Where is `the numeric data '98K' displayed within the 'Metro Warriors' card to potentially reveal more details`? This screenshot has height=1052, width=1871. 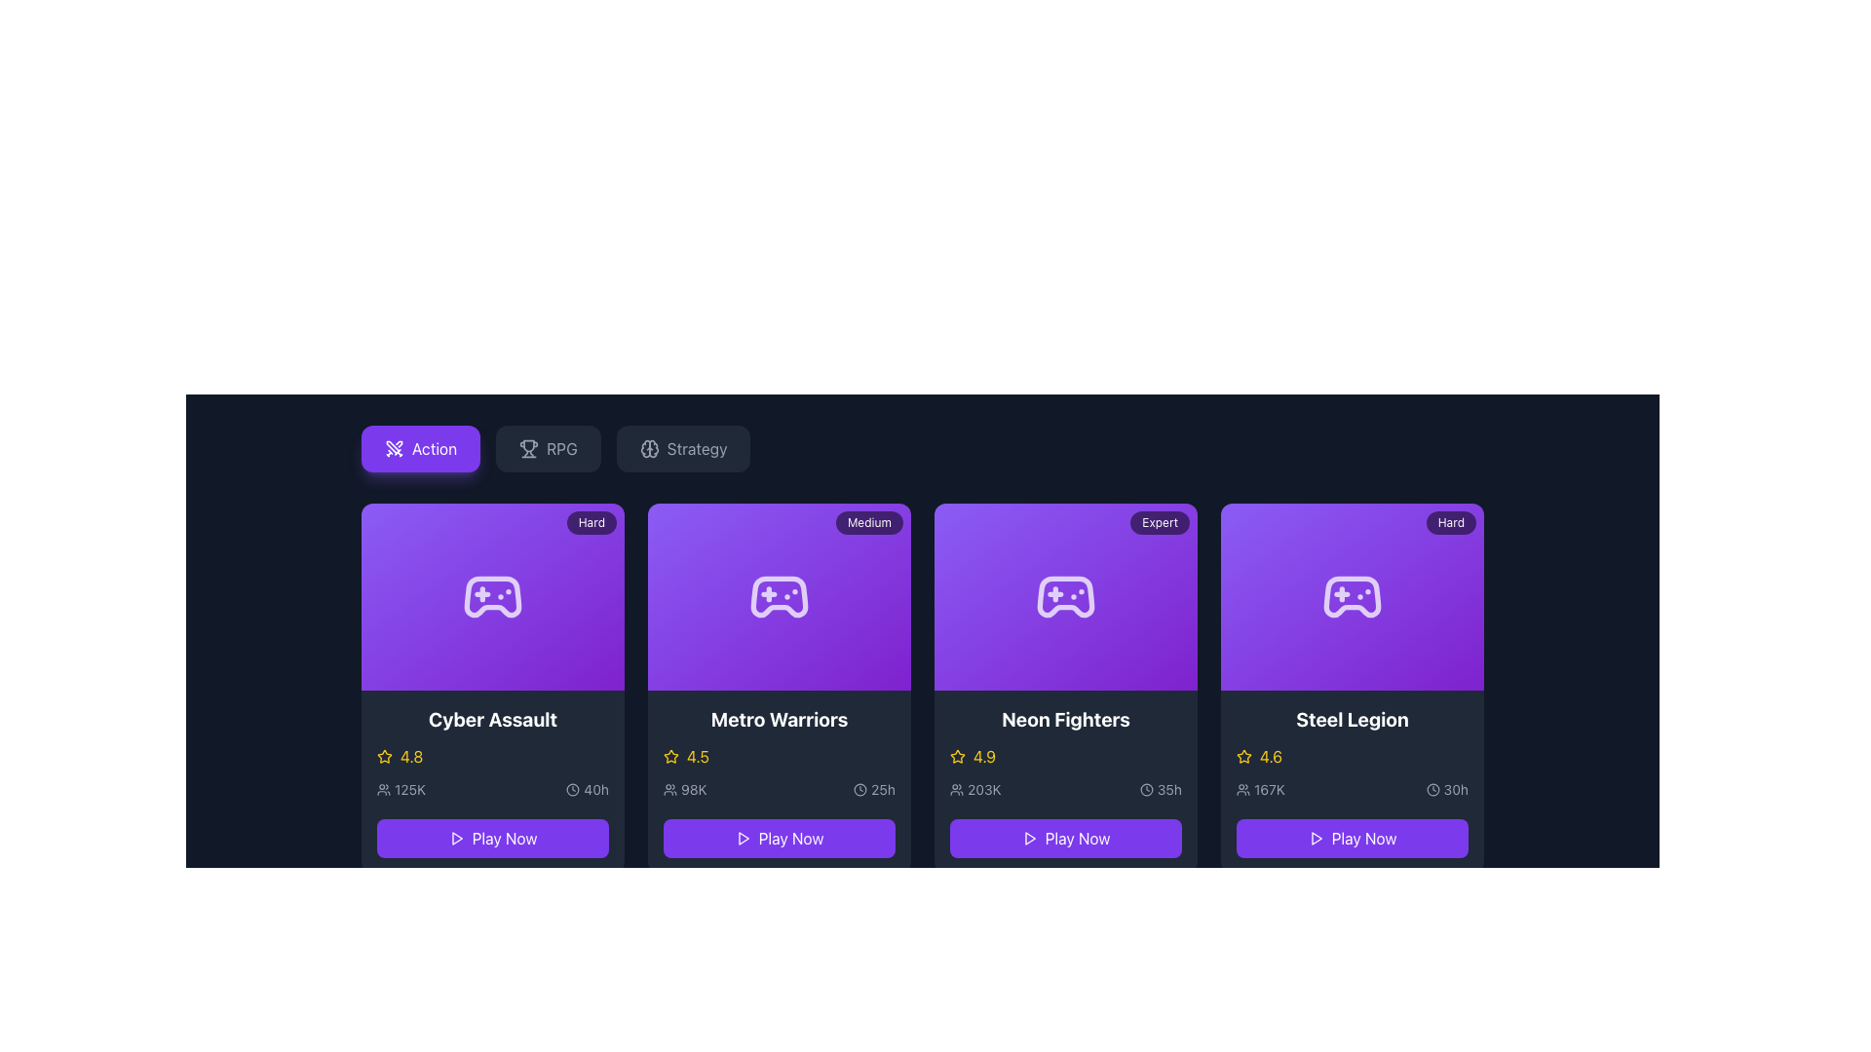
the numeric data '98K' displayed within the 'Metro Warriors' card to potentially reveal more details is located at coordinates (780, 789).